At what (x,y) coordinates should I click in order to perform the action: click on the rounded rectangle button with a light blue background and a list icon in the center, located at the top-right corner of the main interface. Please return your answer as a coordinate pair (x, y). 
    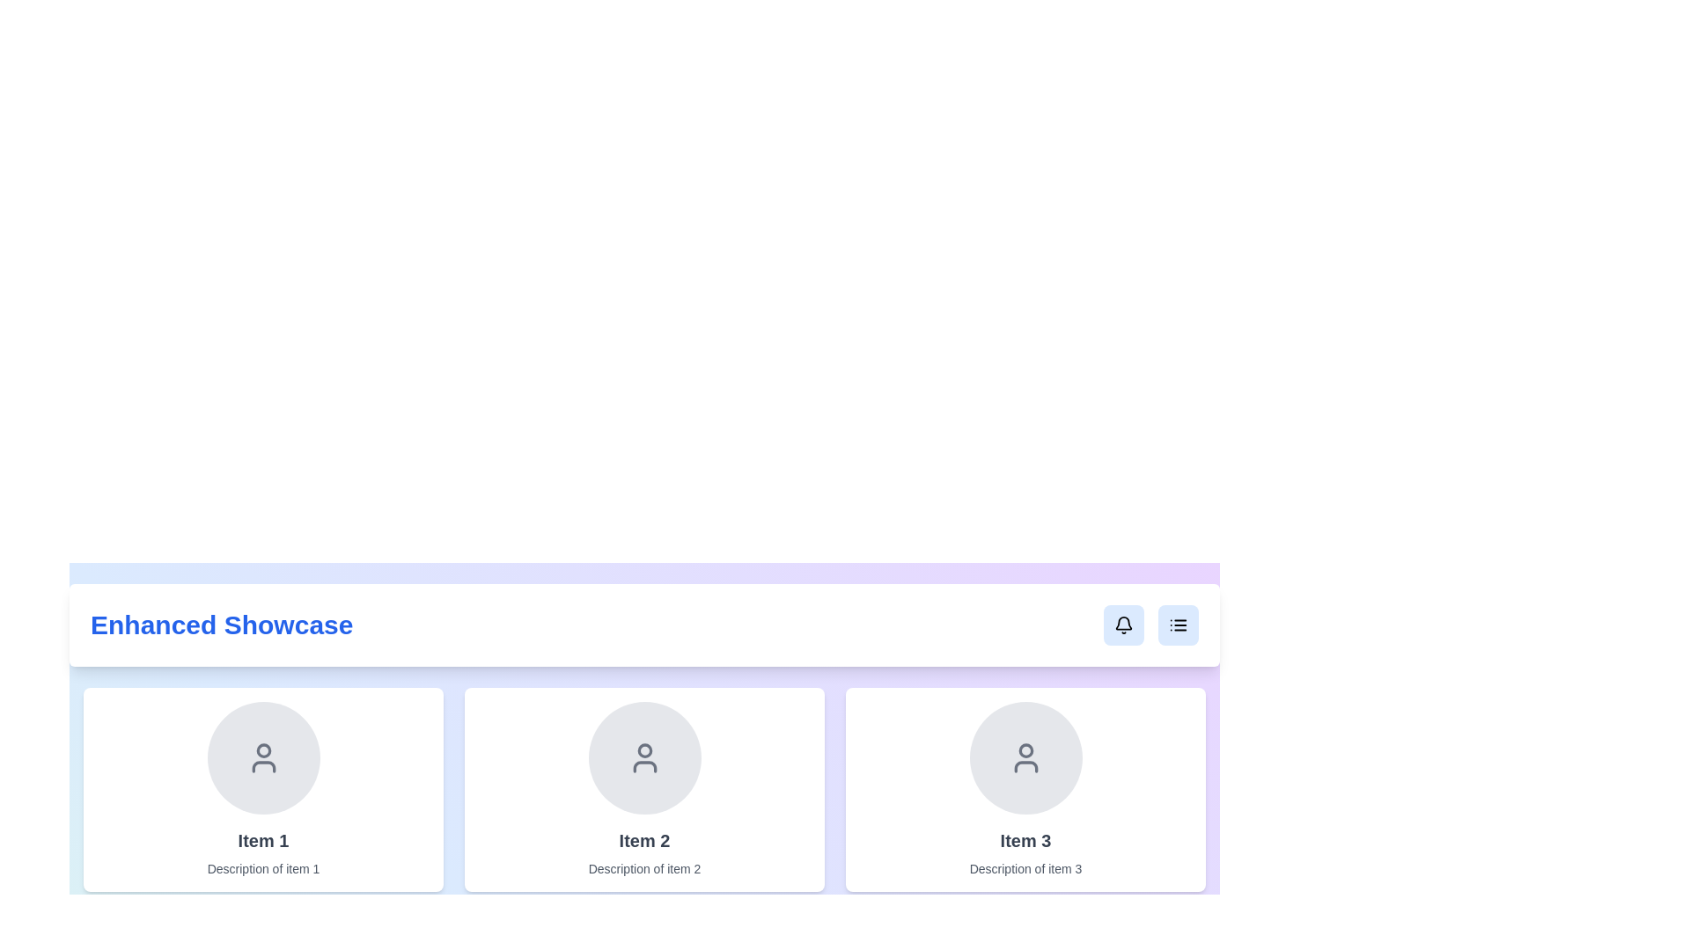
    Looking at the image, I should click on (1179, 624).